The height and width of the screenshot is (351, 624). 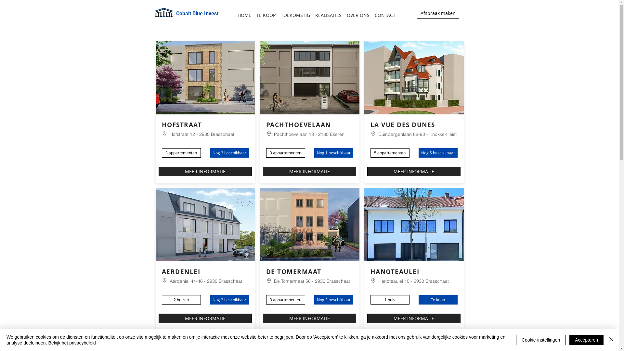 I want to click on 'TOEKOMSTIG', so click(x=295, y=12).